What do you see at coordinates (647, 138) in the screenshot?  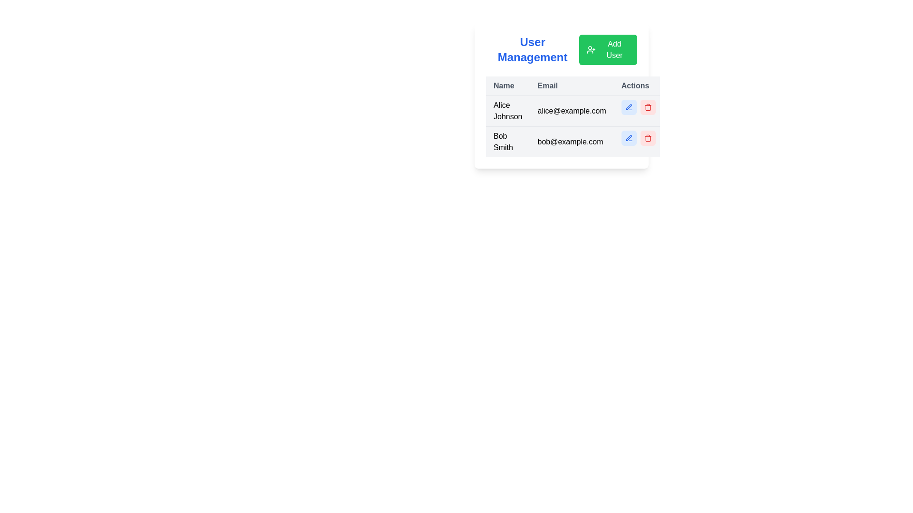 I see `the delete button with a light red background and red text, located to the right of the blue pencil icon in the user management table for 'Bob Smith'` at bounding box center [647, 138].